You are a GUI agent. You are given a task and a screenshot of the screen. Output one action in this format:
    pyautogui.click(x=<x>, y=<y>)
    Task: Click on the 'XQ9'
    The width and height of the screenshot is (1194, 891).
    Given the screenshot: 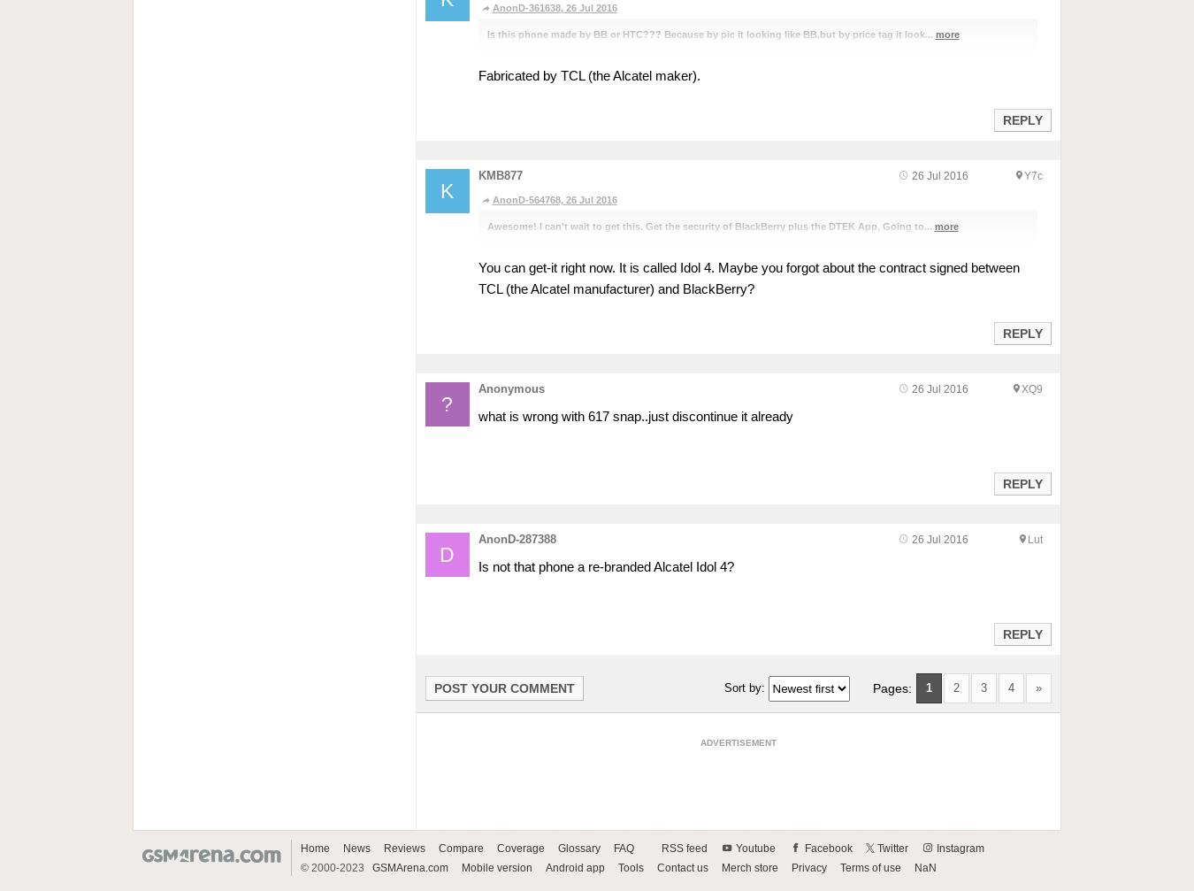 What is the action you would take?
    pyautogui.click(x=1029, y=388)
    